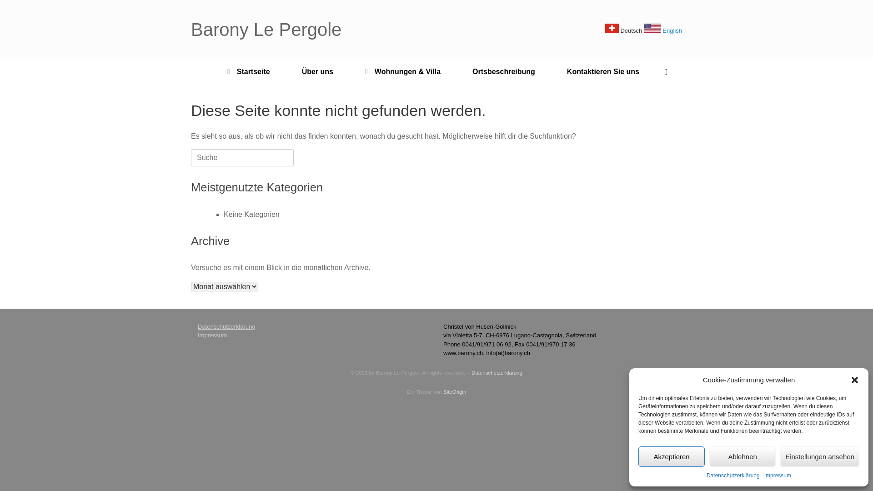 This screenshot has width=873, height=491. Describe the element at coordinates (455, 391) in the screenshot. I see `'SiteOrigin'` at that location.